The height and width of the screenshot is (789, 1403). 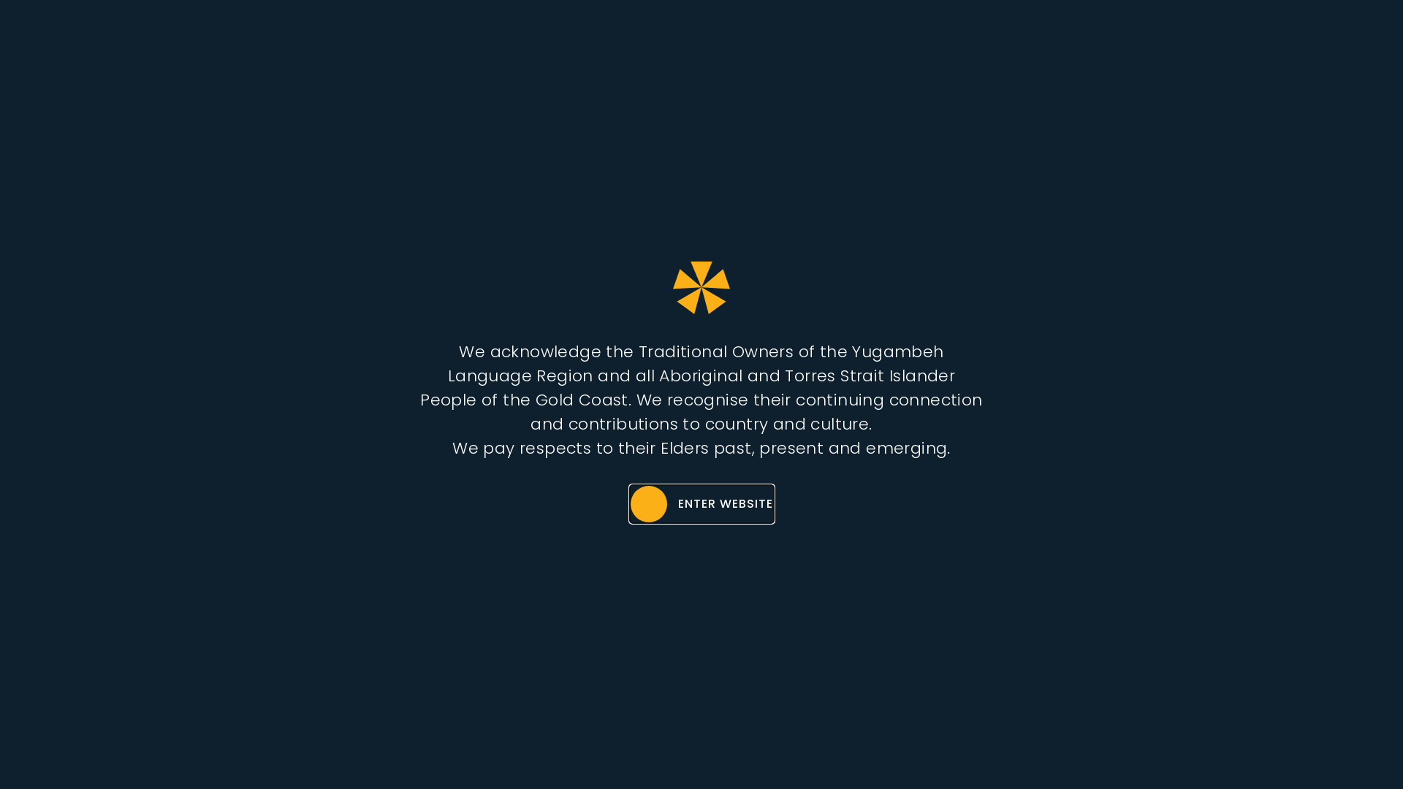 What do you see at coordinates (1111, 42) in the screenshot?
I see `'Get in touch'` at bounding box center [1111, 42].